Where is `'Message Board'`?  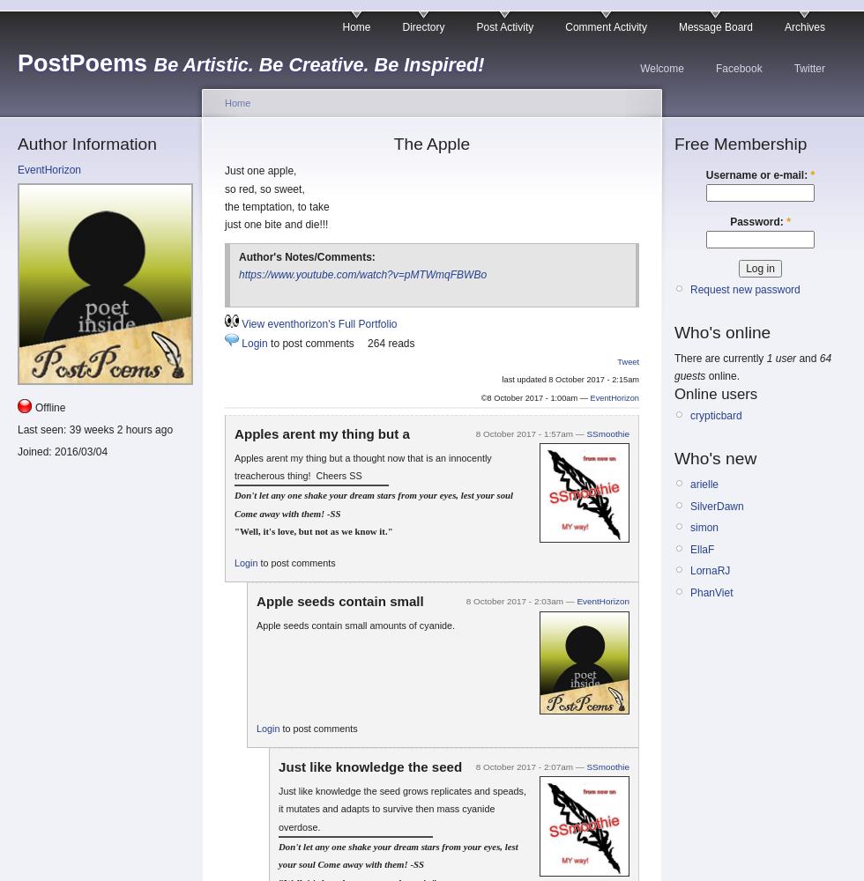
'Message Board' is located at coordinates (715, 27).